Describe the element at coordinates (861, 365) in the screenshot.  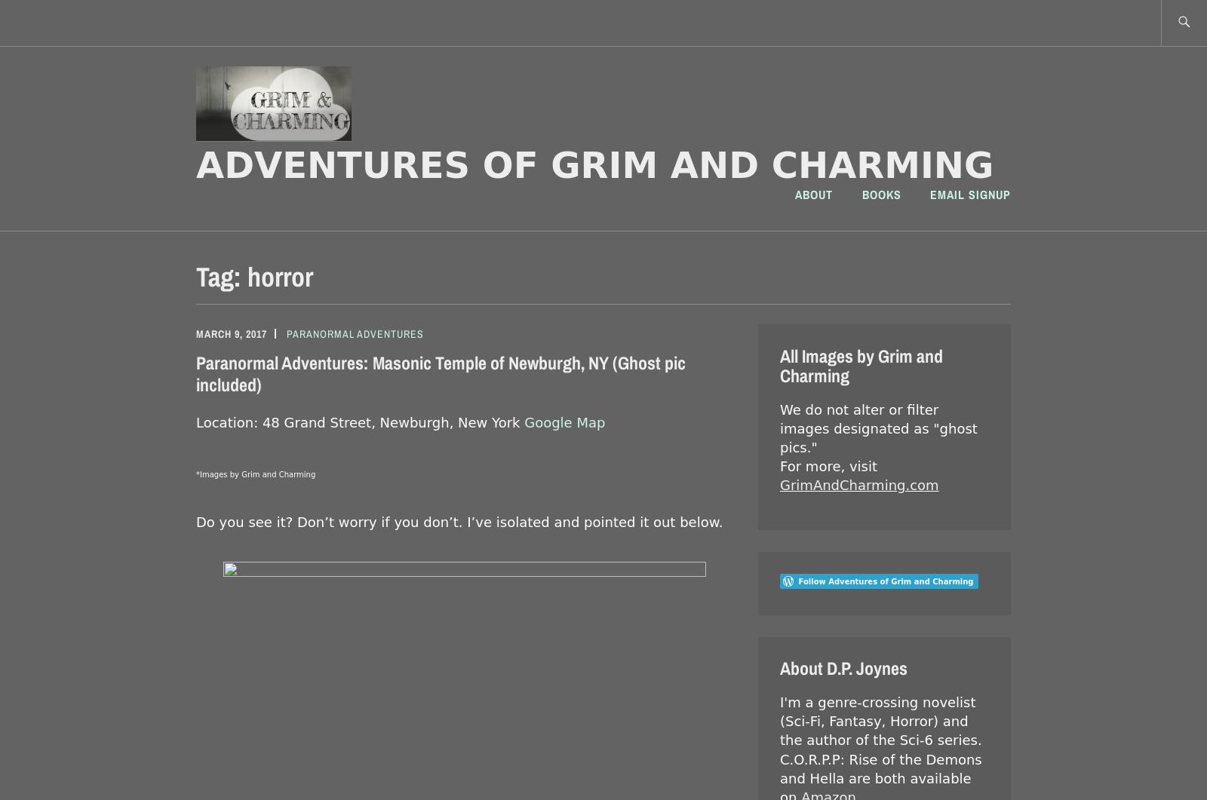
I see `'All Images by Grim and Charming'` at that location.